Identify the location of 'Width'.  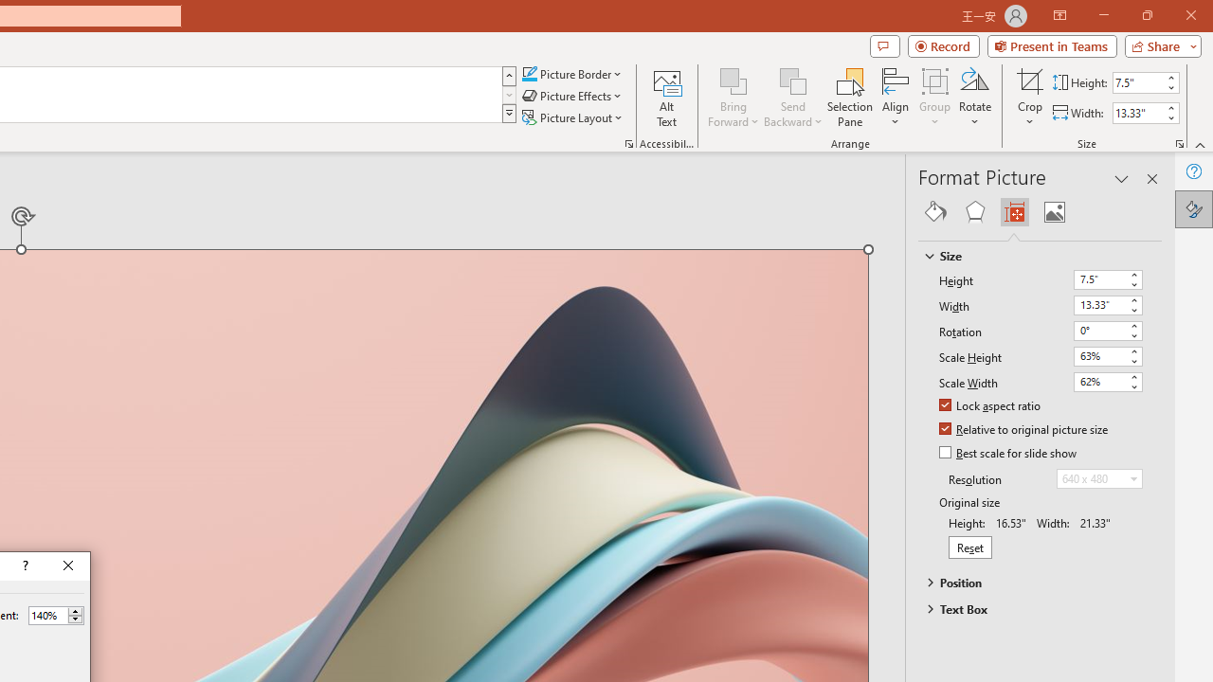
(1099, 304).